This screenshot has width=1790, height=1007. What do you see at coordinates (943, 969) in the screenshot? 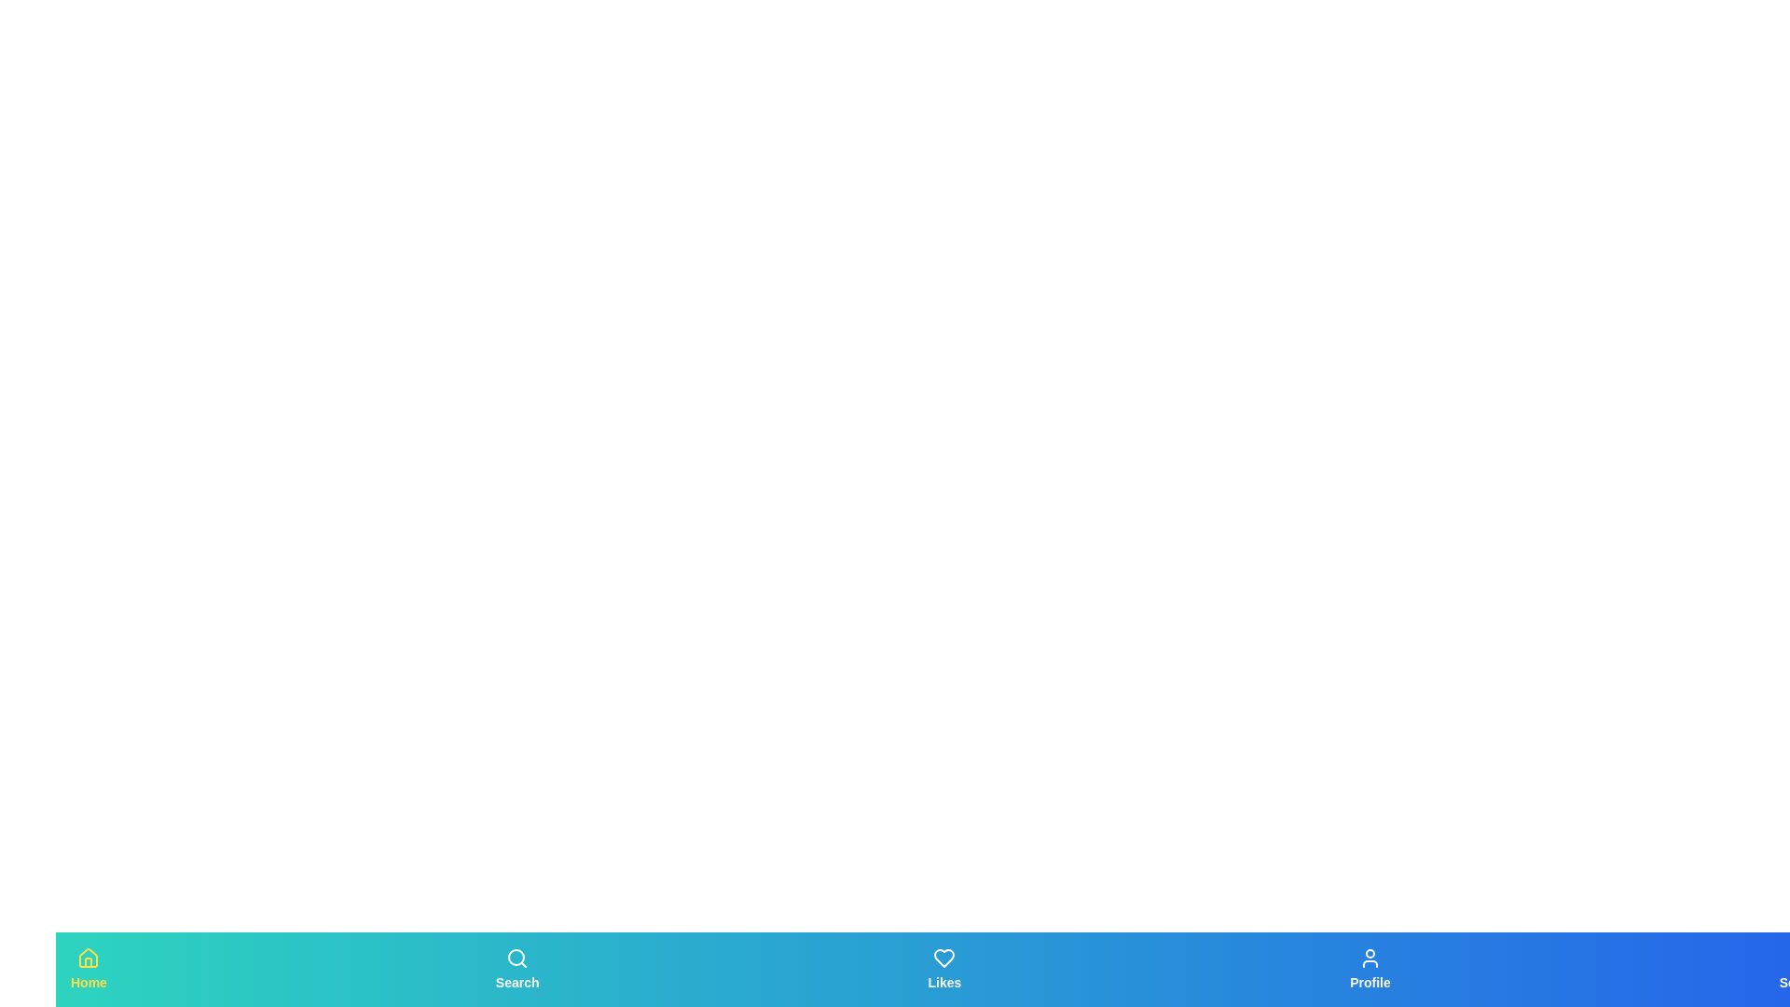
I see `the tab labeled Likes to observe the scaling effect` at bounding box center [943, 969].